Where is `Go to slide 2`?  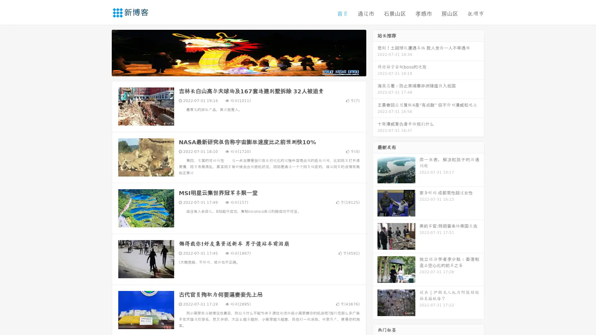
Go to slide 2 is located at coordinates (238, 70).